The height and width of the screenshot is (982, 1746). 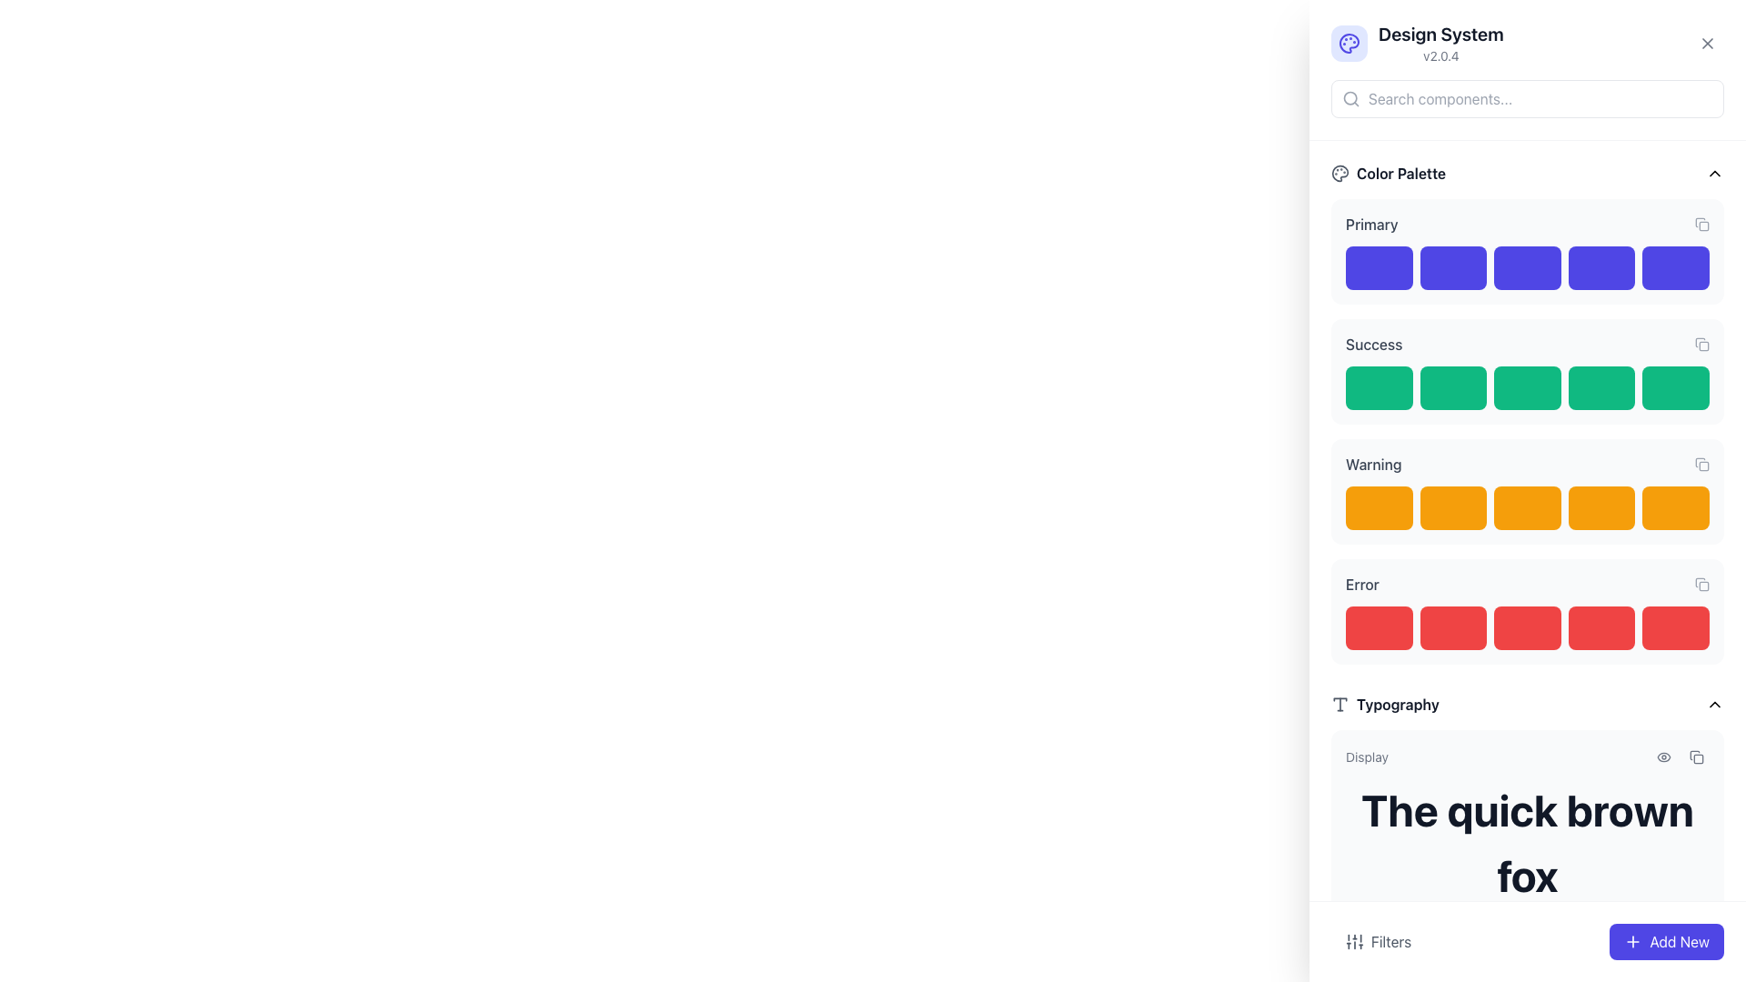 What do you see at coordinates (1696, 963) in the screenshot?
I see `the small square button with rounded corners containing a copy icon, located near the bottom-right of the typography section, to copy` at bounding box center [1696, 963].